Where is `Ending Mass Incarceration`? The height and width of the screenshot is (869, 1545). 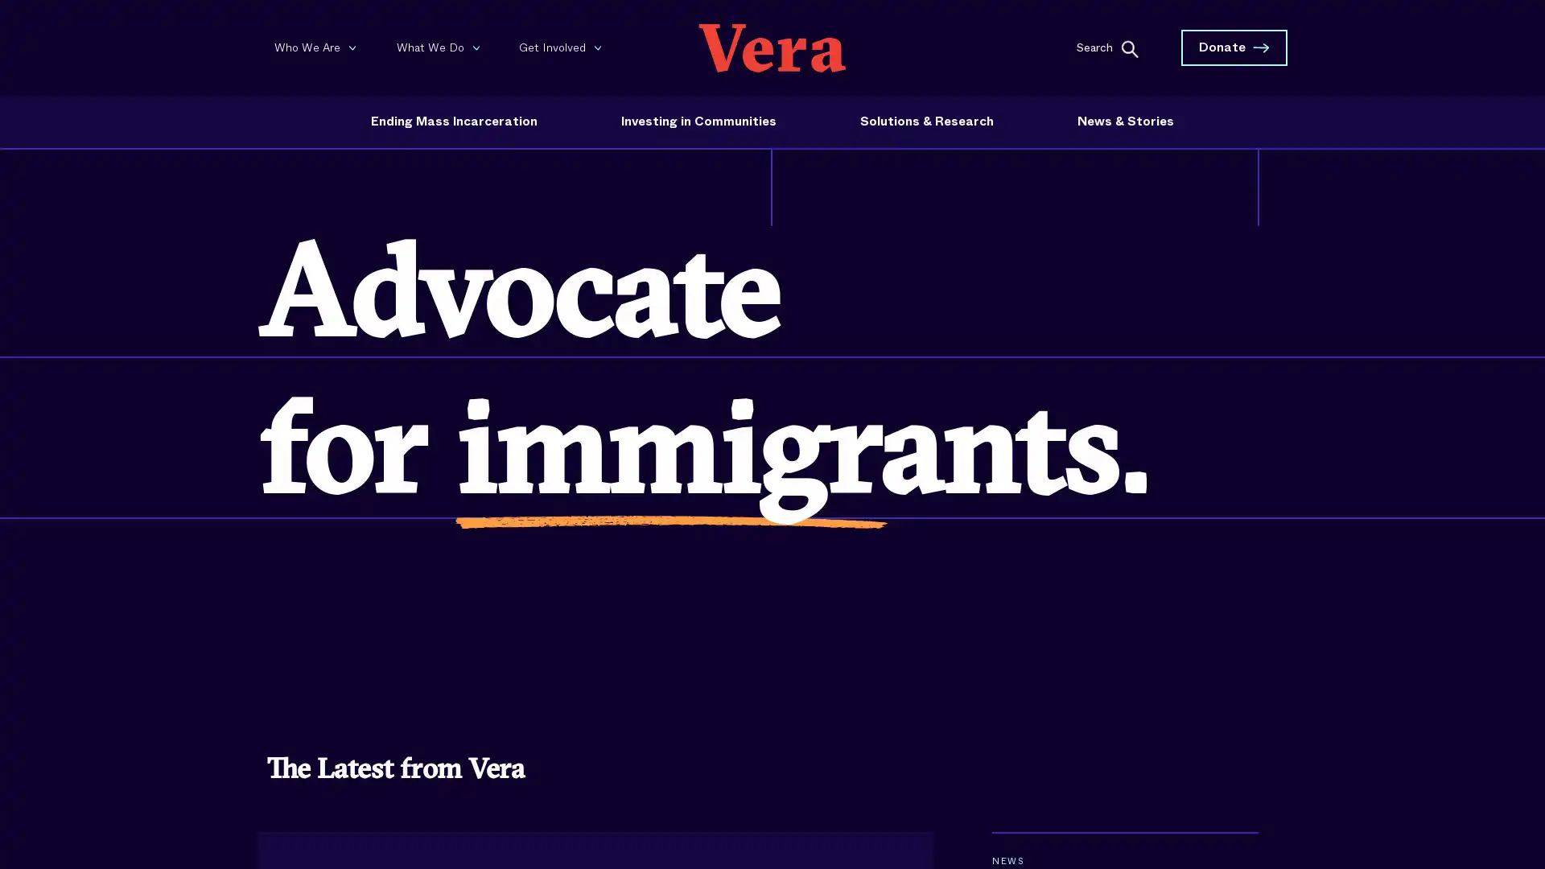 Ending Mass Incarceration is located at coordinates (453, 121).